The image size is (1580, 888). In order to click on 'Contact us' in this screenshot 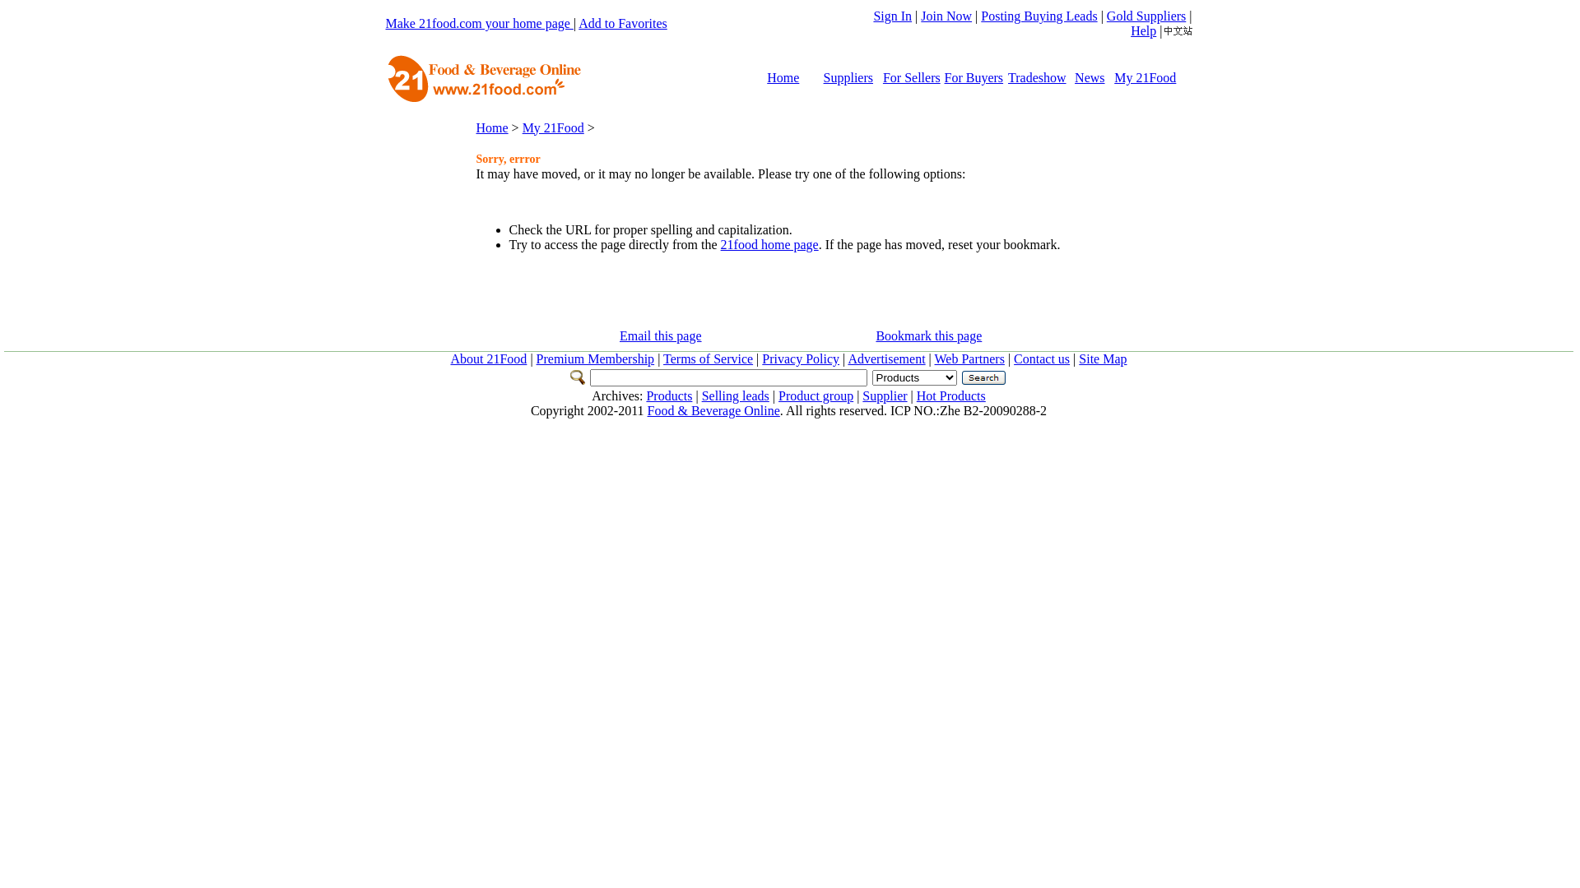, I will do `click(1041, 358)`.